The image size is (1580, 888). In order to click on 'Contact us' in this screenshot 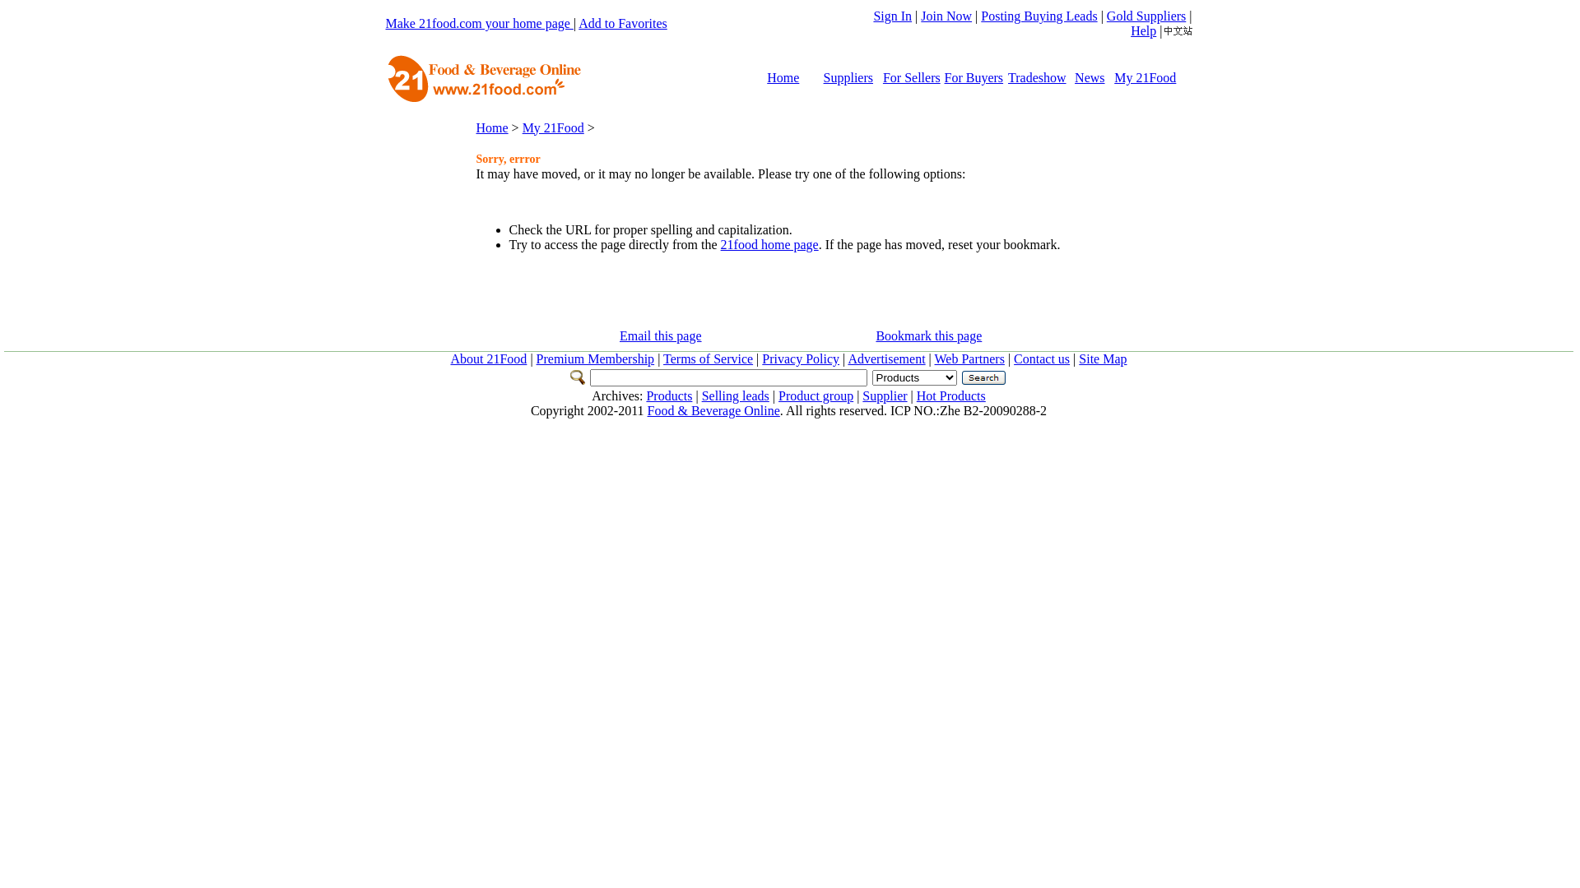, I will do `click(1041, 358)`.